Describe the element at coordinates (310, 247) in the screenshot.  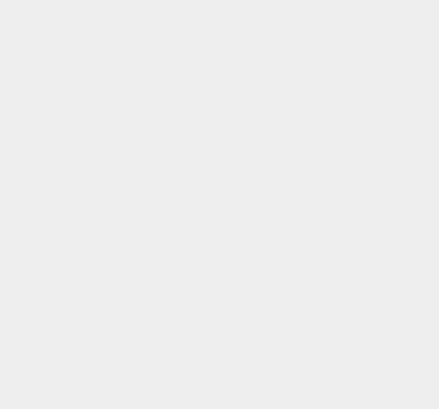
I see `'iPad Air'` at that location.